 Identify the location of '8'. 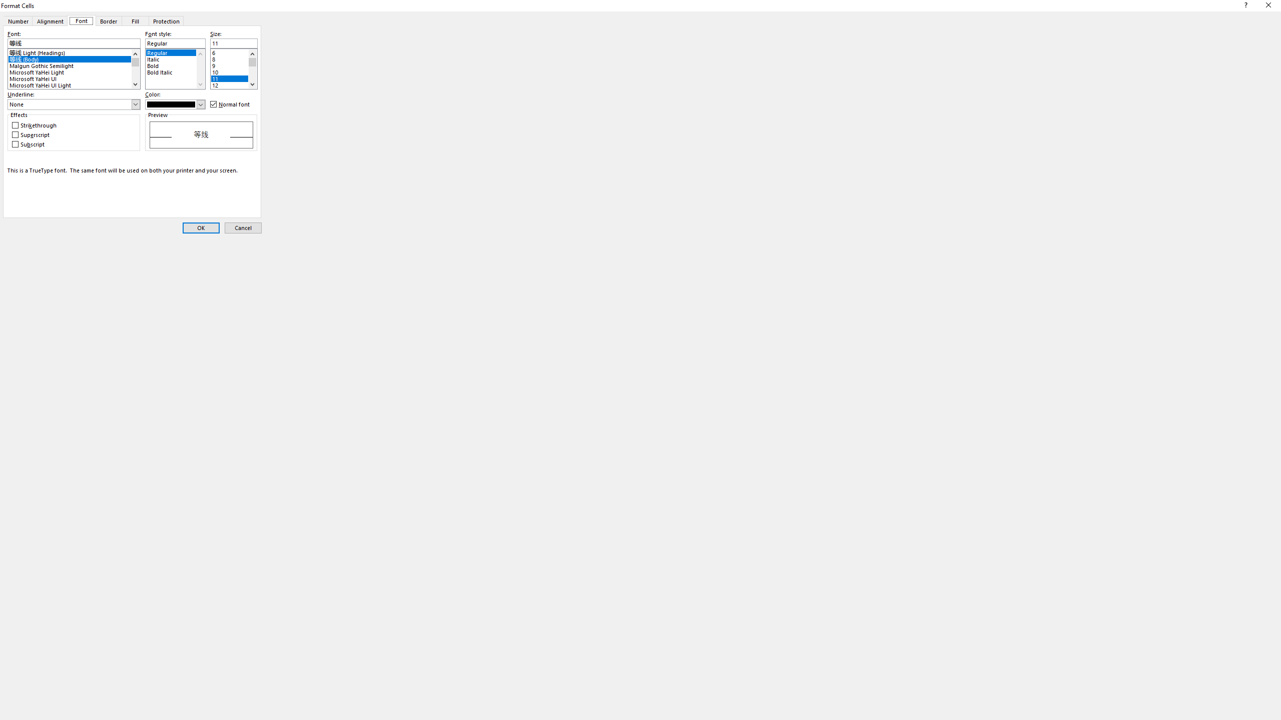
(233, 57).